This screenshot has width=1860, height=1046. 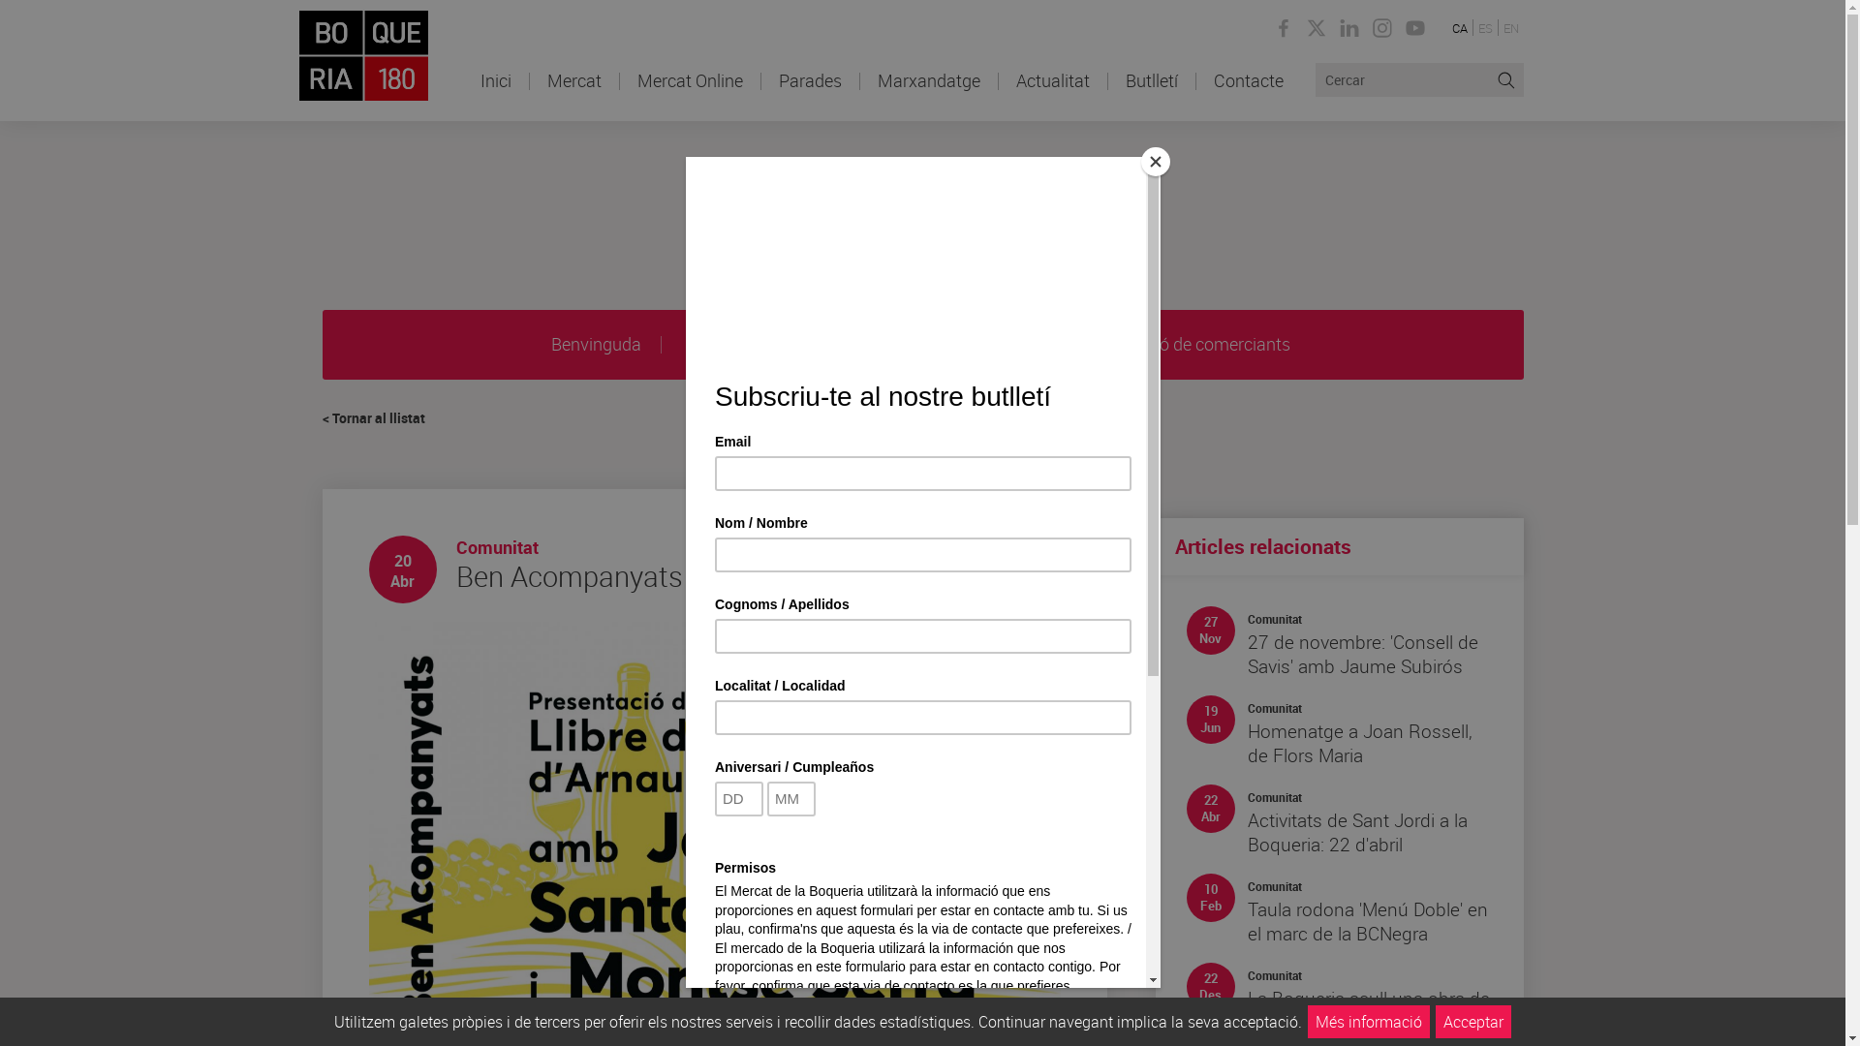 I want to click on 'Benvinguda', so click(x=594, y=343).